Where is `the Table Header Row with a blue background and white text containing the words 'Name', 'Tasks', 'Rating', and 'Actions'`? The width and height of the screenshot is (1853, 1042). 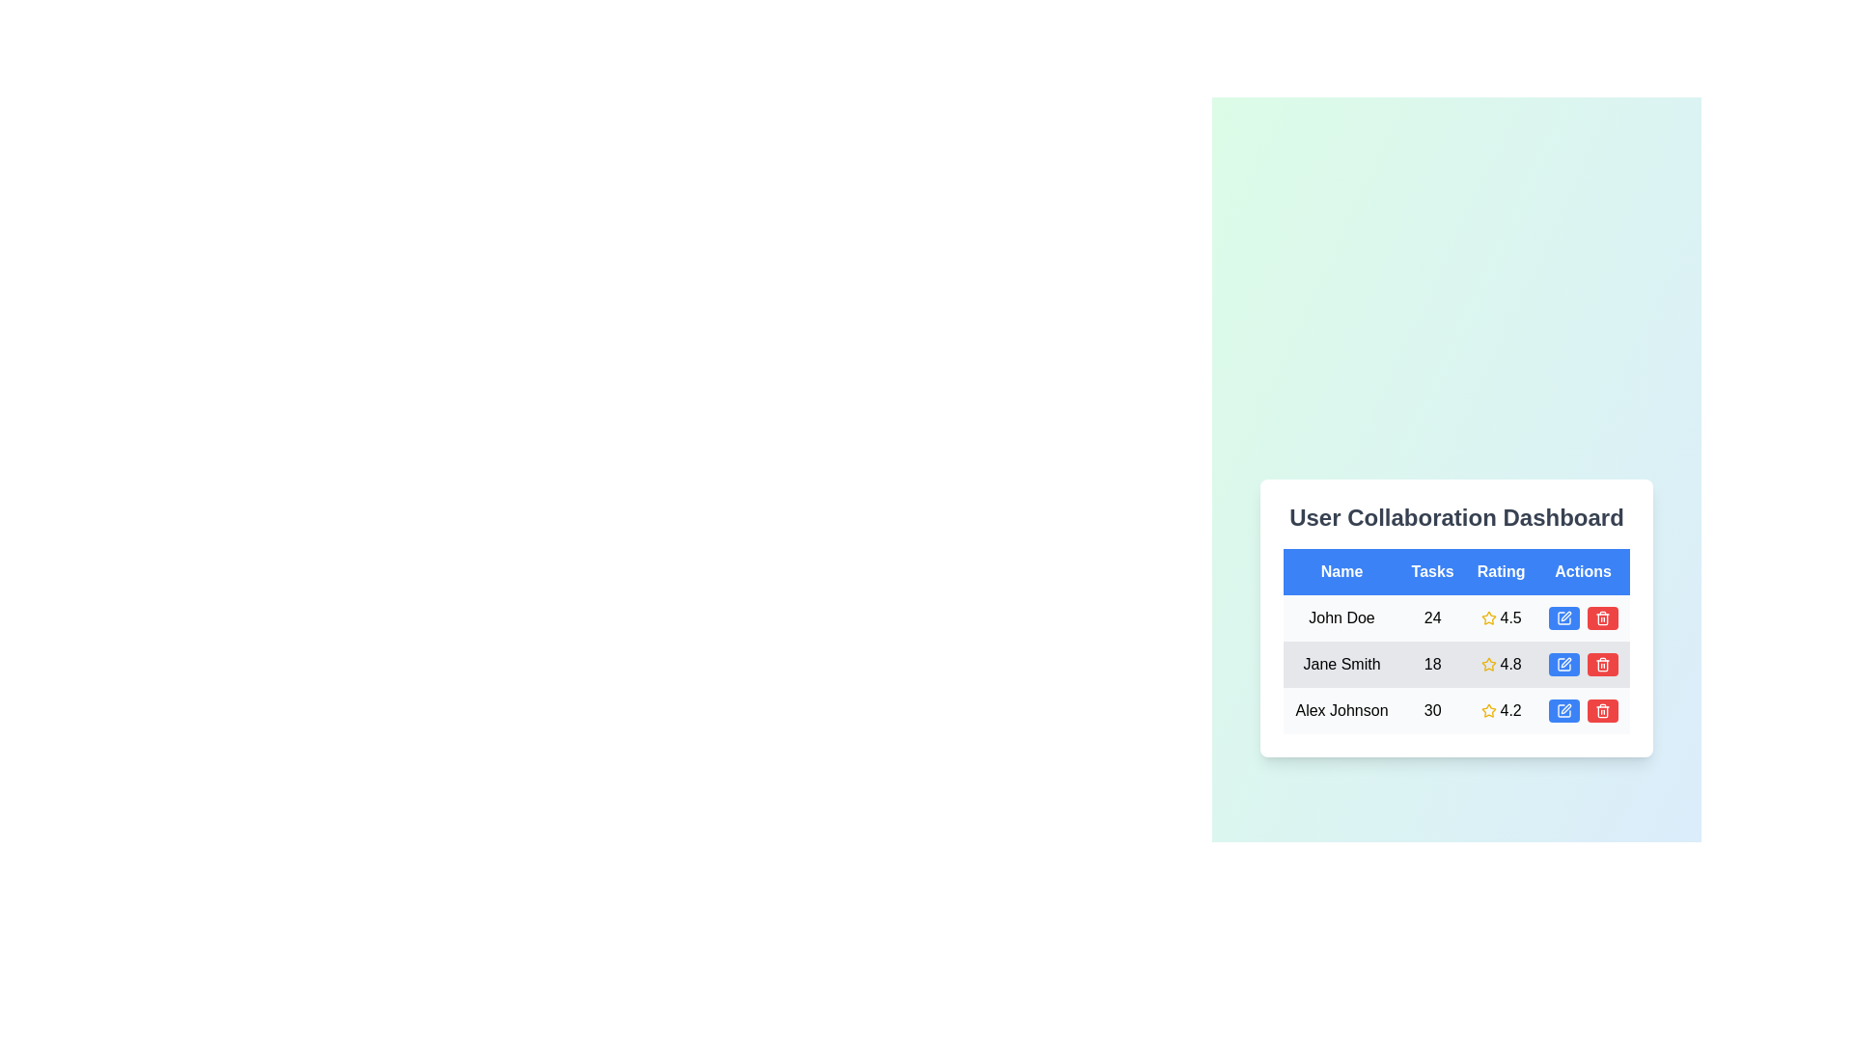 the Table Header Row with a blue background and white text containing the words 'Name', 'Tasks', 'Rating', and 'Actions' is located at coordinates (1456, 571).